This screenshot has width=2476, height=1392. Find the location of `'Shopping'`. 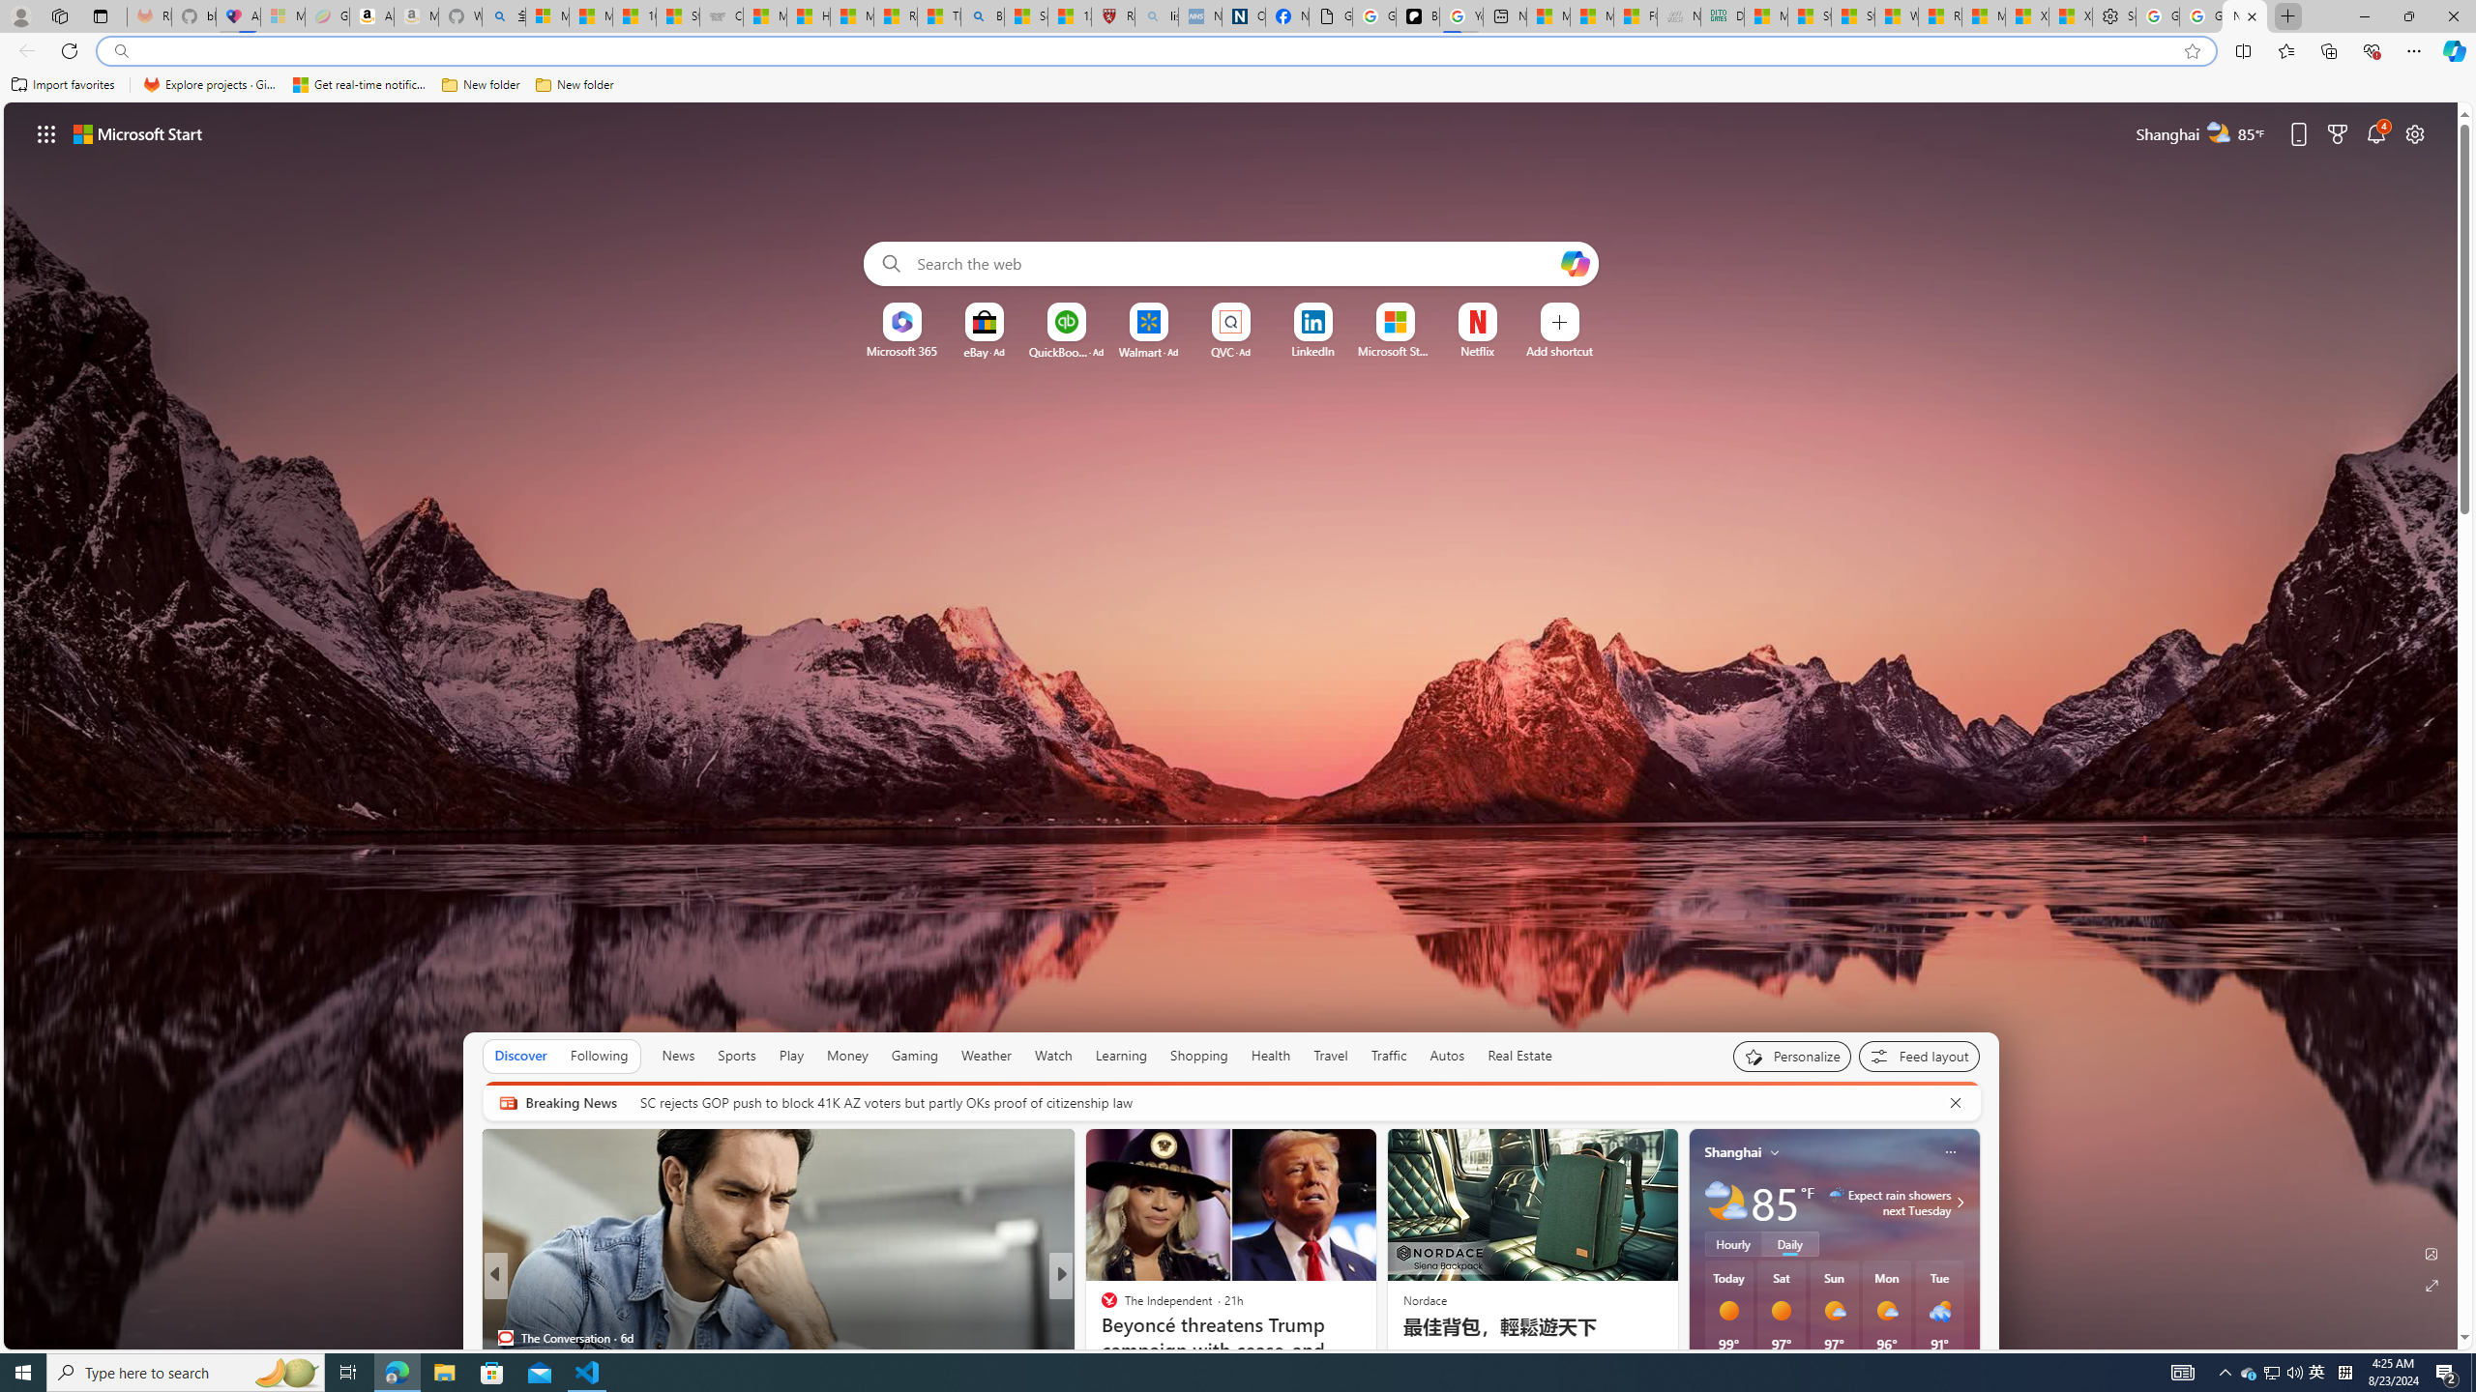

'Shopping' is located at coordinates (1198, 1055).